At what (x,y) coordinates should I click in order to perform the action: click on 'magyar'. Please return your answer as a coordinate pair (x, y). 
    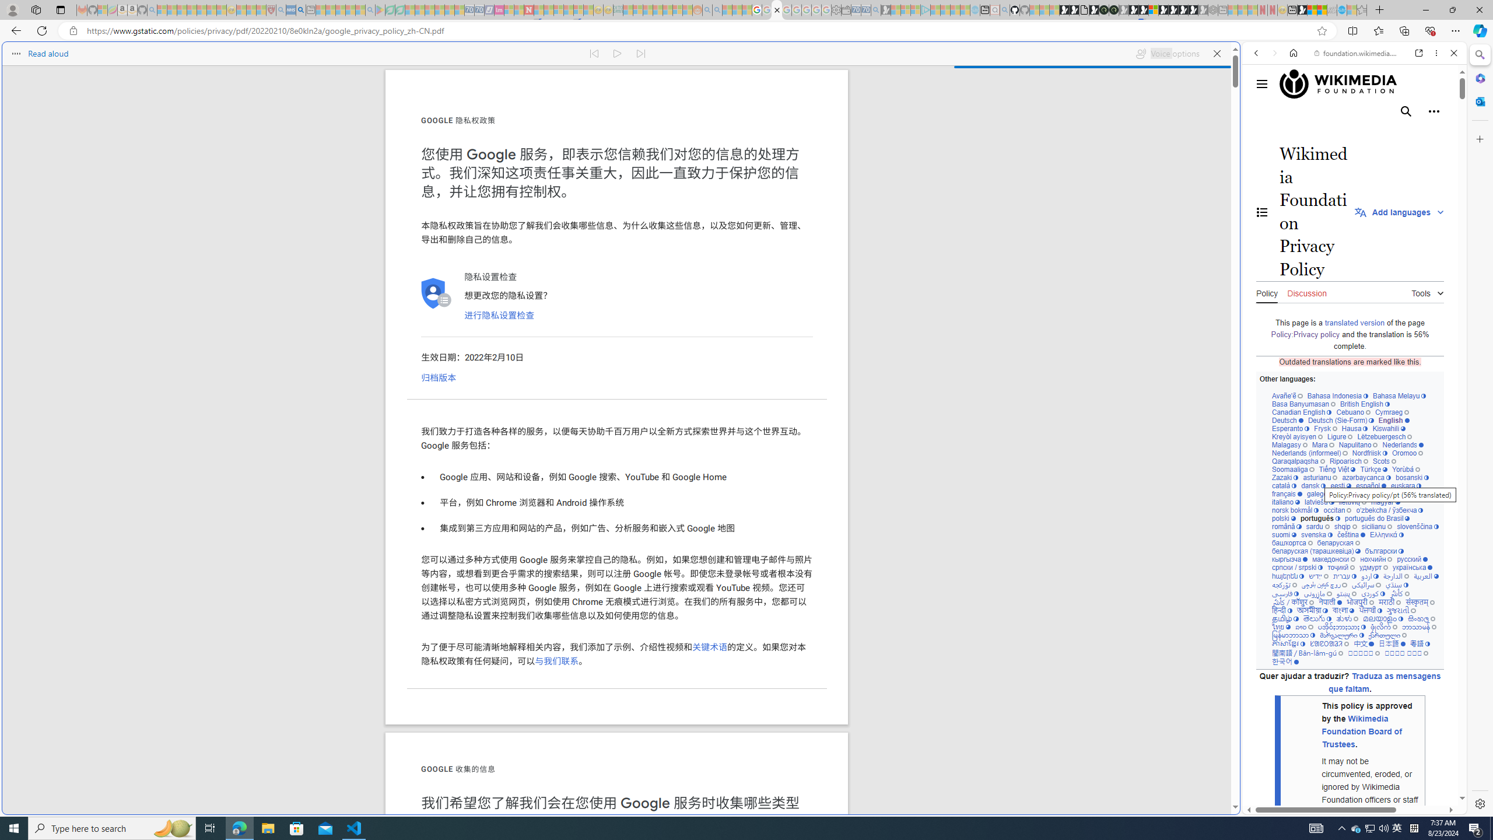
    Looking at the image, I should click on (1385, 501).